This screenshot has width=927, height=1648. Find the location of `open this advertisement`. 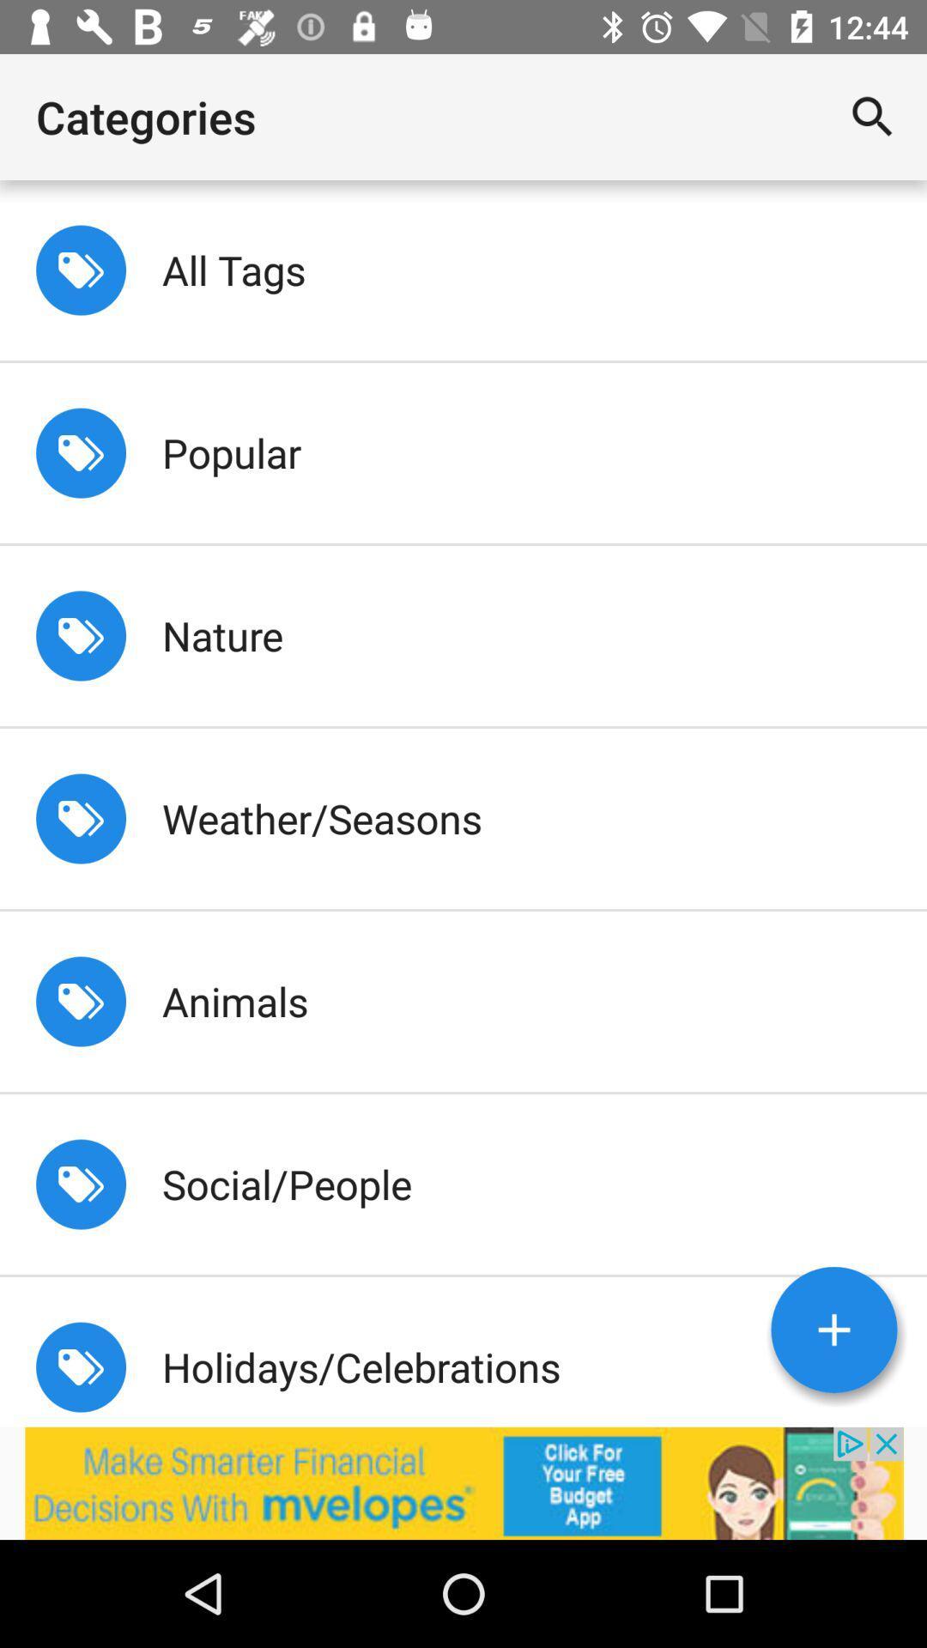

open this advertisement is located at coordinates (463, 1482).